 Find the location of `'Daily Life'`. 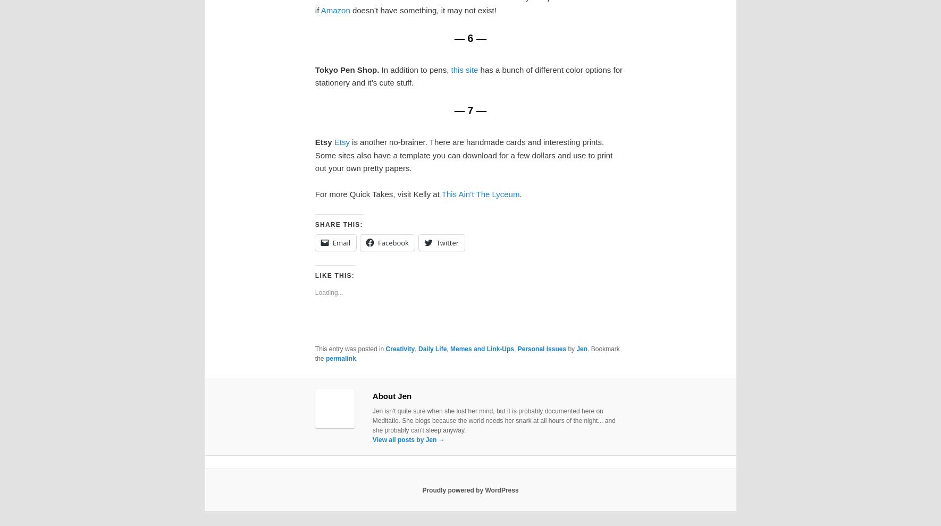

'Daily Life' is located at coordinates (432, 349).